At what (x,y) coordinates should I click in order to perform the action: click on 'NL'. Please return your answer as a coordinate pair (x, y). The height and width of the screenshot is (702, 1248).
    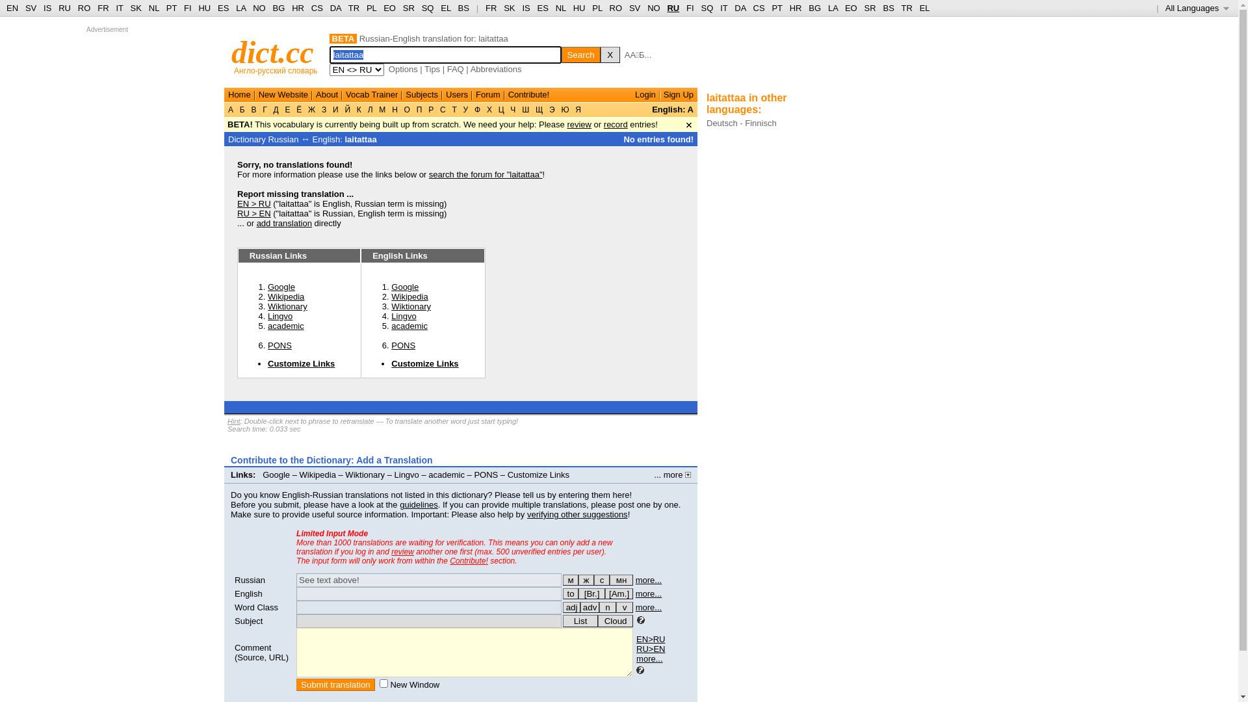
    Looking at the image, I should click on (555, 8).